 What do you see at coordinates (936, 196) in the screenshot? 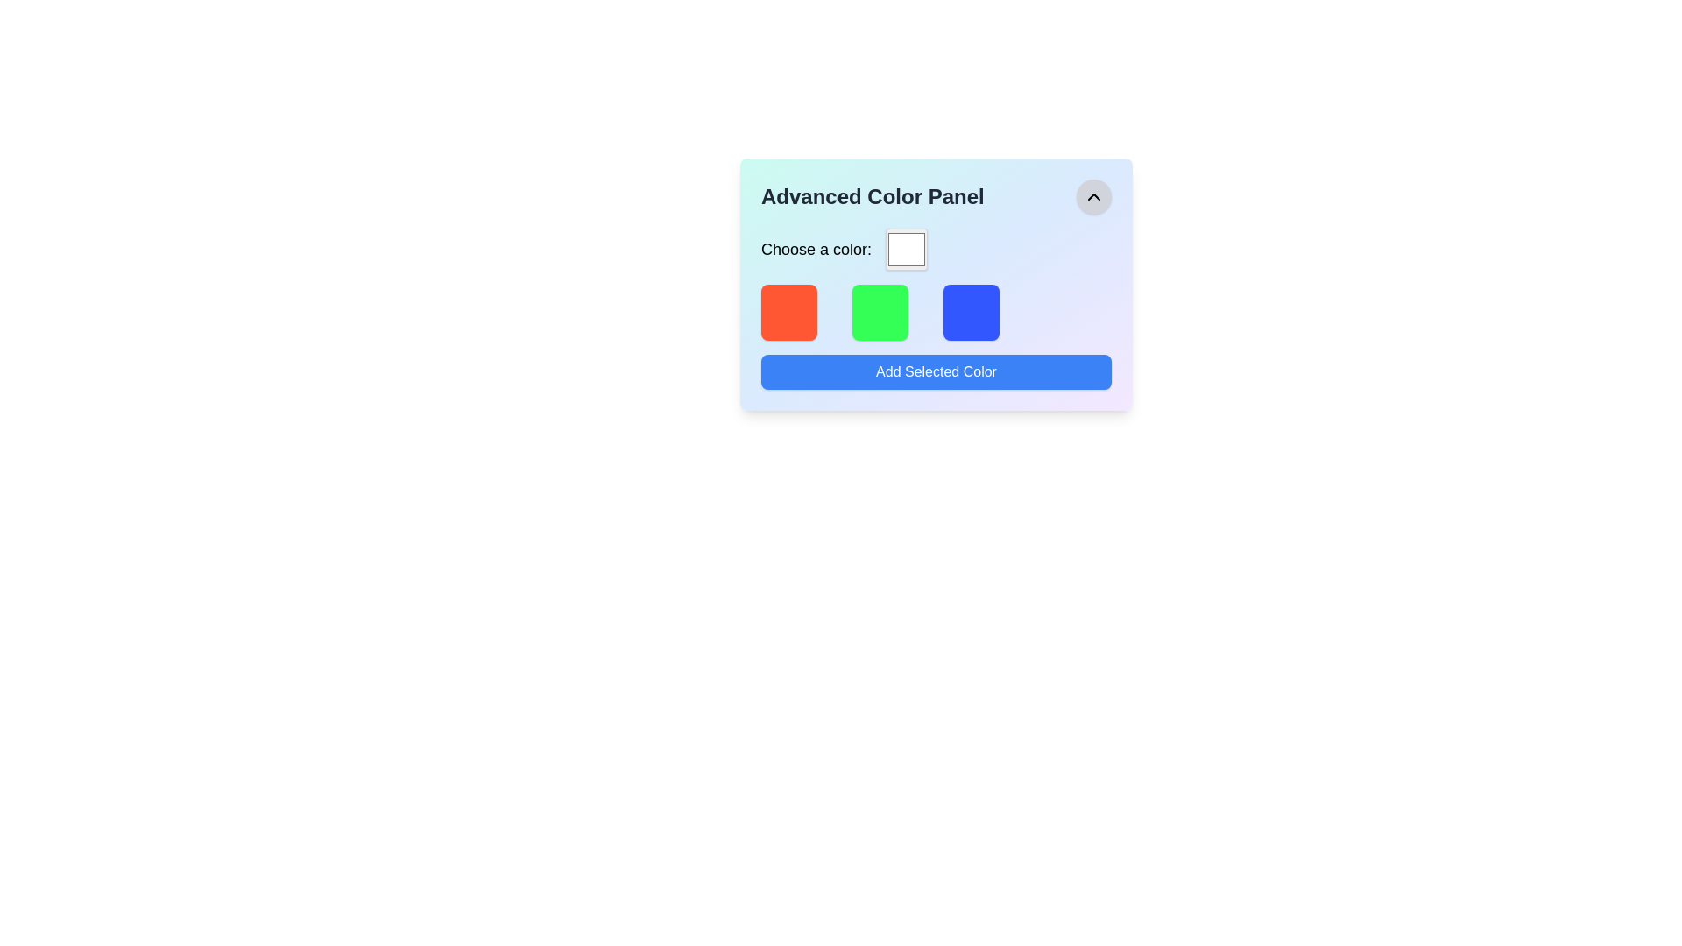
I see `text 'Advanced Color Panel' from the Title Bar with an Interactive Button, which is prominently displayed in bold, dark text on a light background` at bounding box center [936, 196].